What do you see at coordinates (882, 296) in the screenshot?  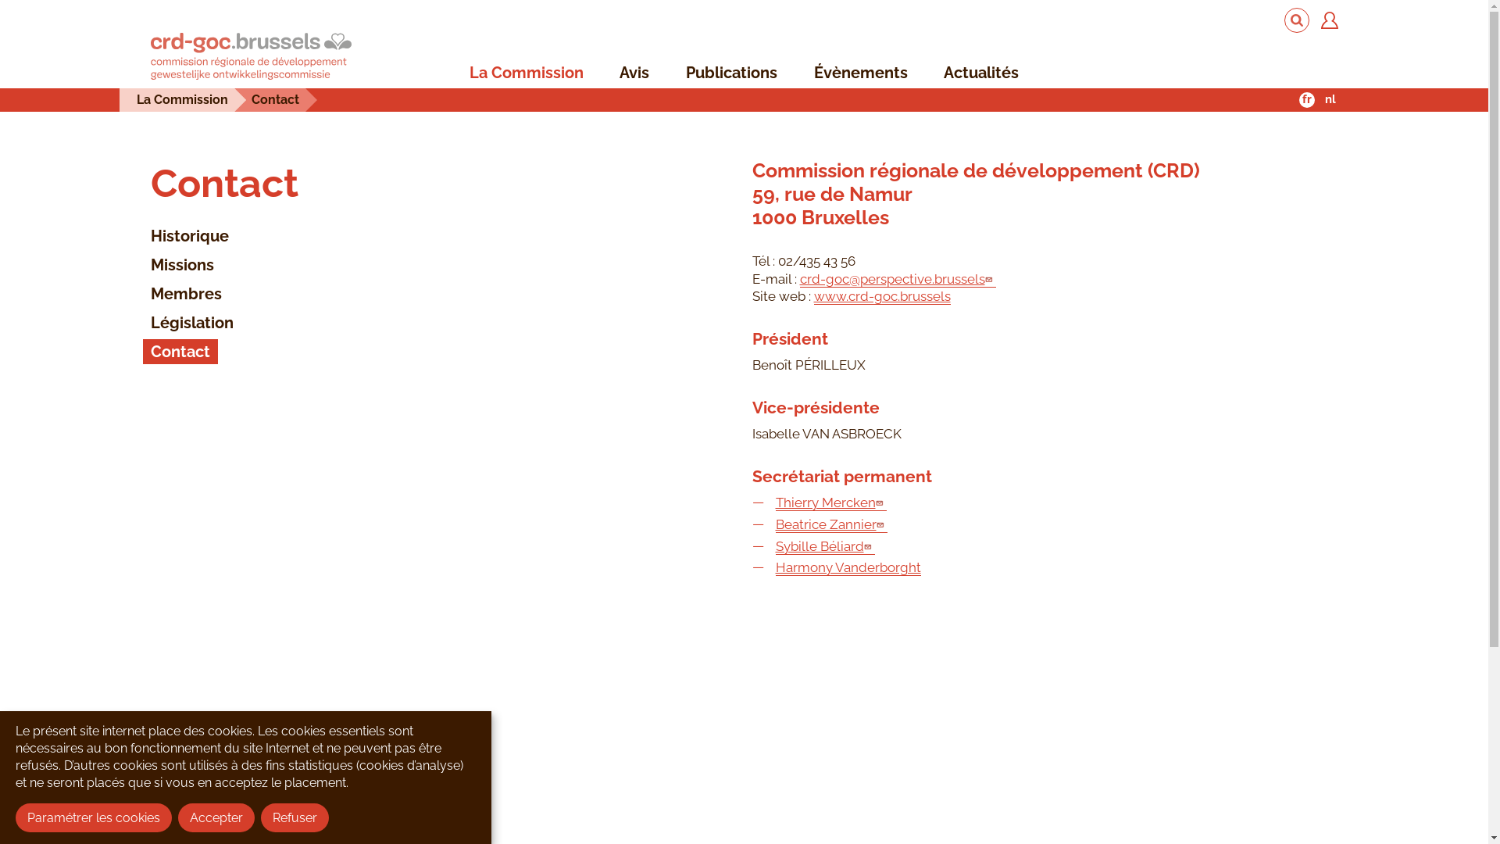 I see `'www.crd-goc.brussels'` at bounding box center [882, 296].